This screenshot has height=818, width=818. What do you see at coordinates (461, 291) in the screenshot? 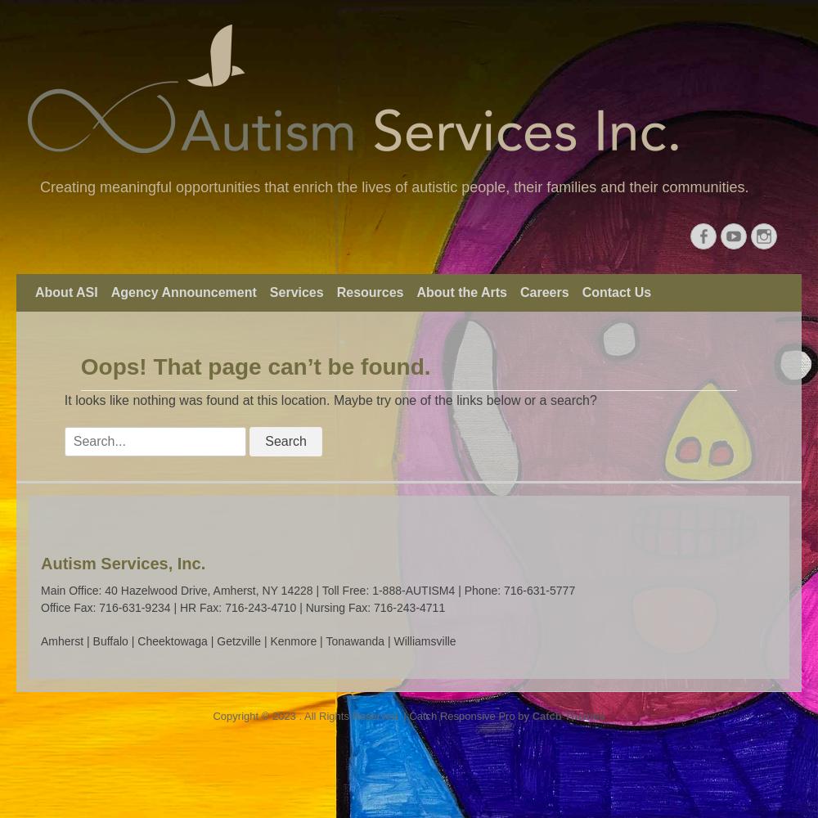
I see `'About the Arts'` at bounding box center [461, 291].